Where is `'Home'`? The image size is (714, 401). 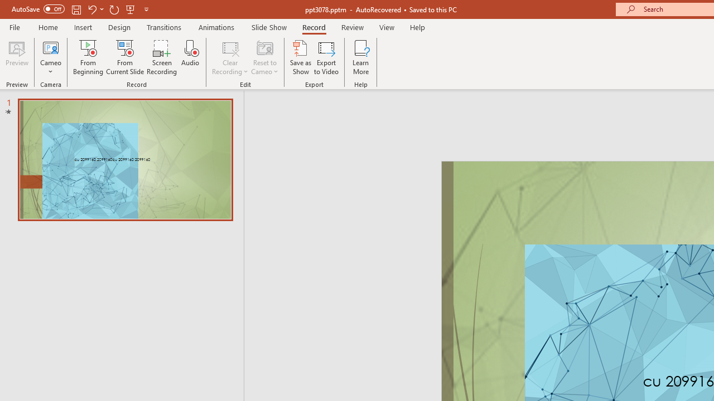 'Home' is located at coordinates (47, 27).